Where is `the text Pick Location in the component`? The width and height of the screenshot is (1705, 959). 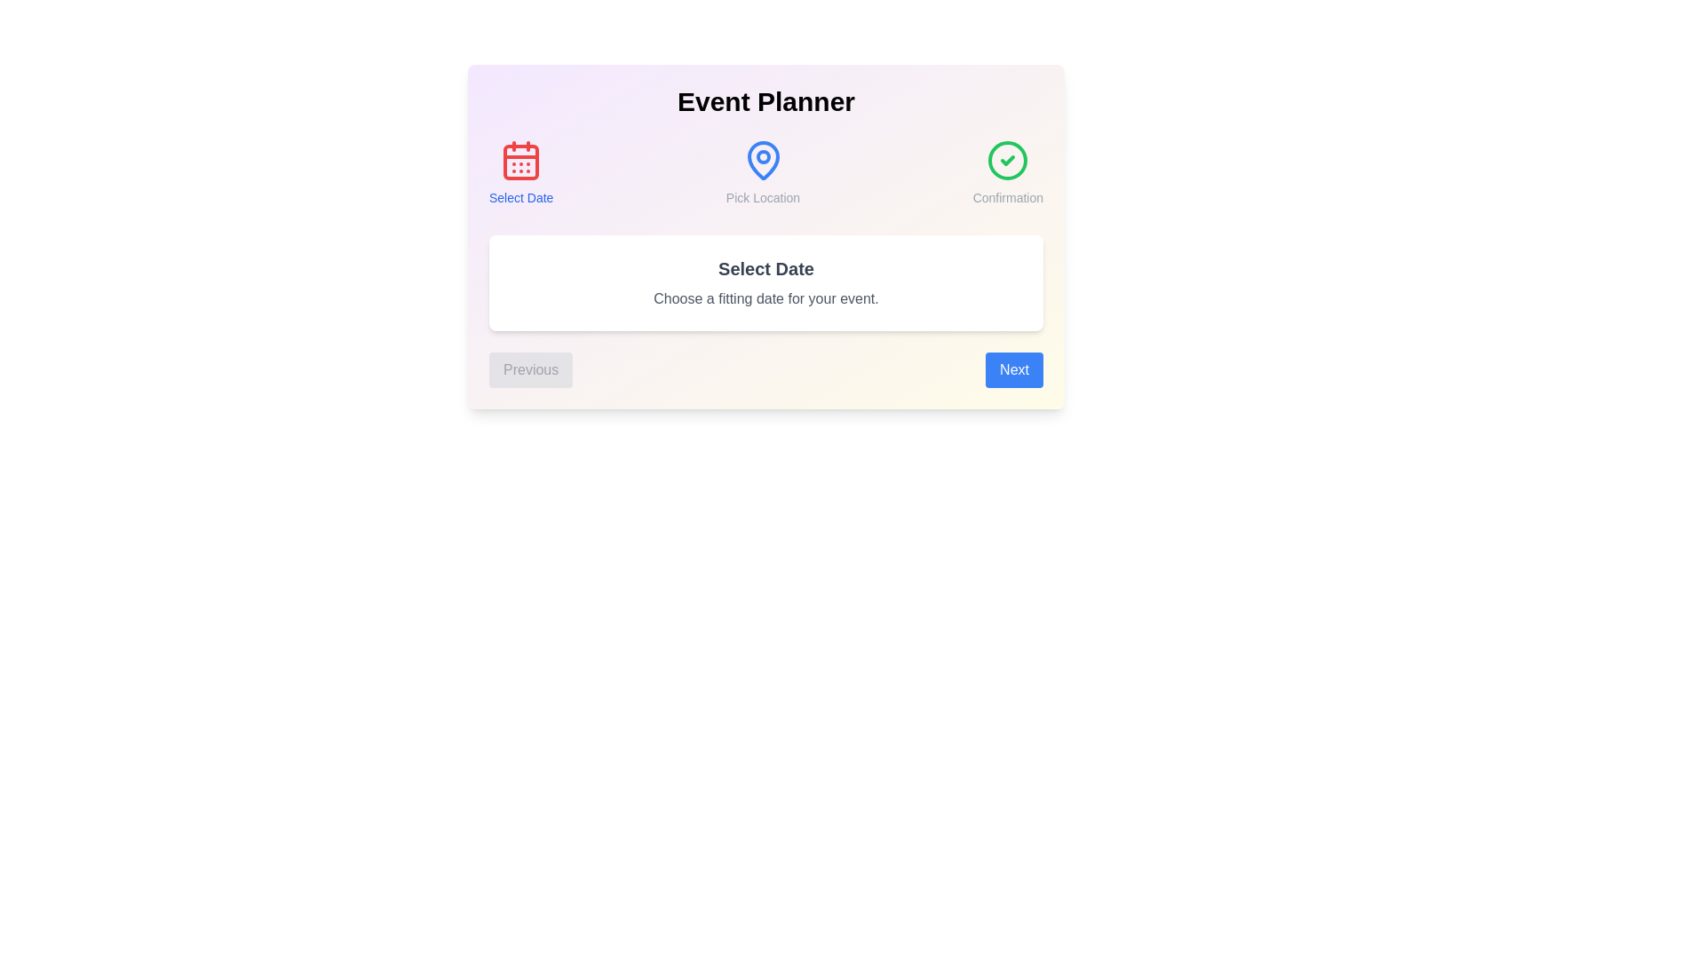
the text Pick Location in the component is located at coordinates (763, 173).